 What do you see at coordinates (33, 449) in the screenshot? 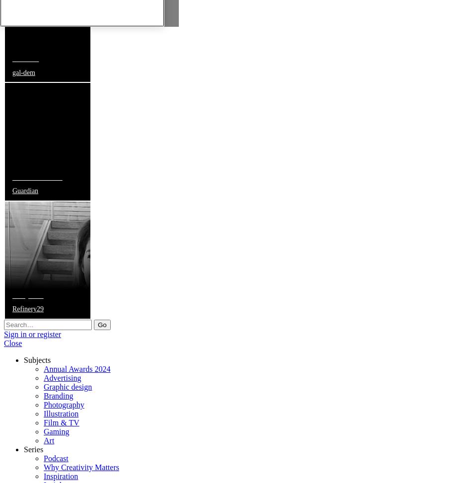
I see `'Series'` at bounding box center [33, 449].